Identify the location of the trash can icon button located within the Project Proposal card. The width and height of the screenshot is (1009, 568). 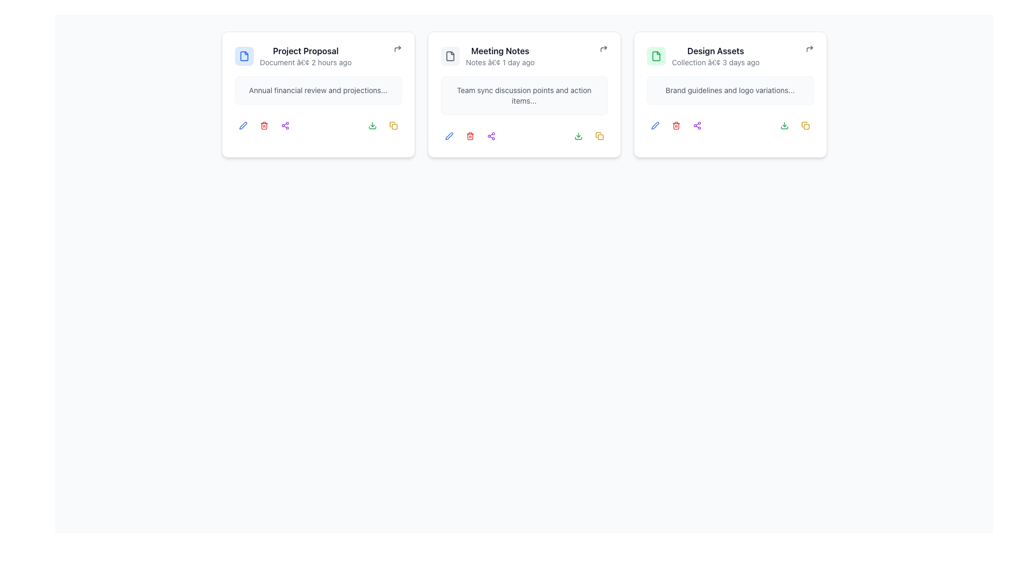
(264, 125).